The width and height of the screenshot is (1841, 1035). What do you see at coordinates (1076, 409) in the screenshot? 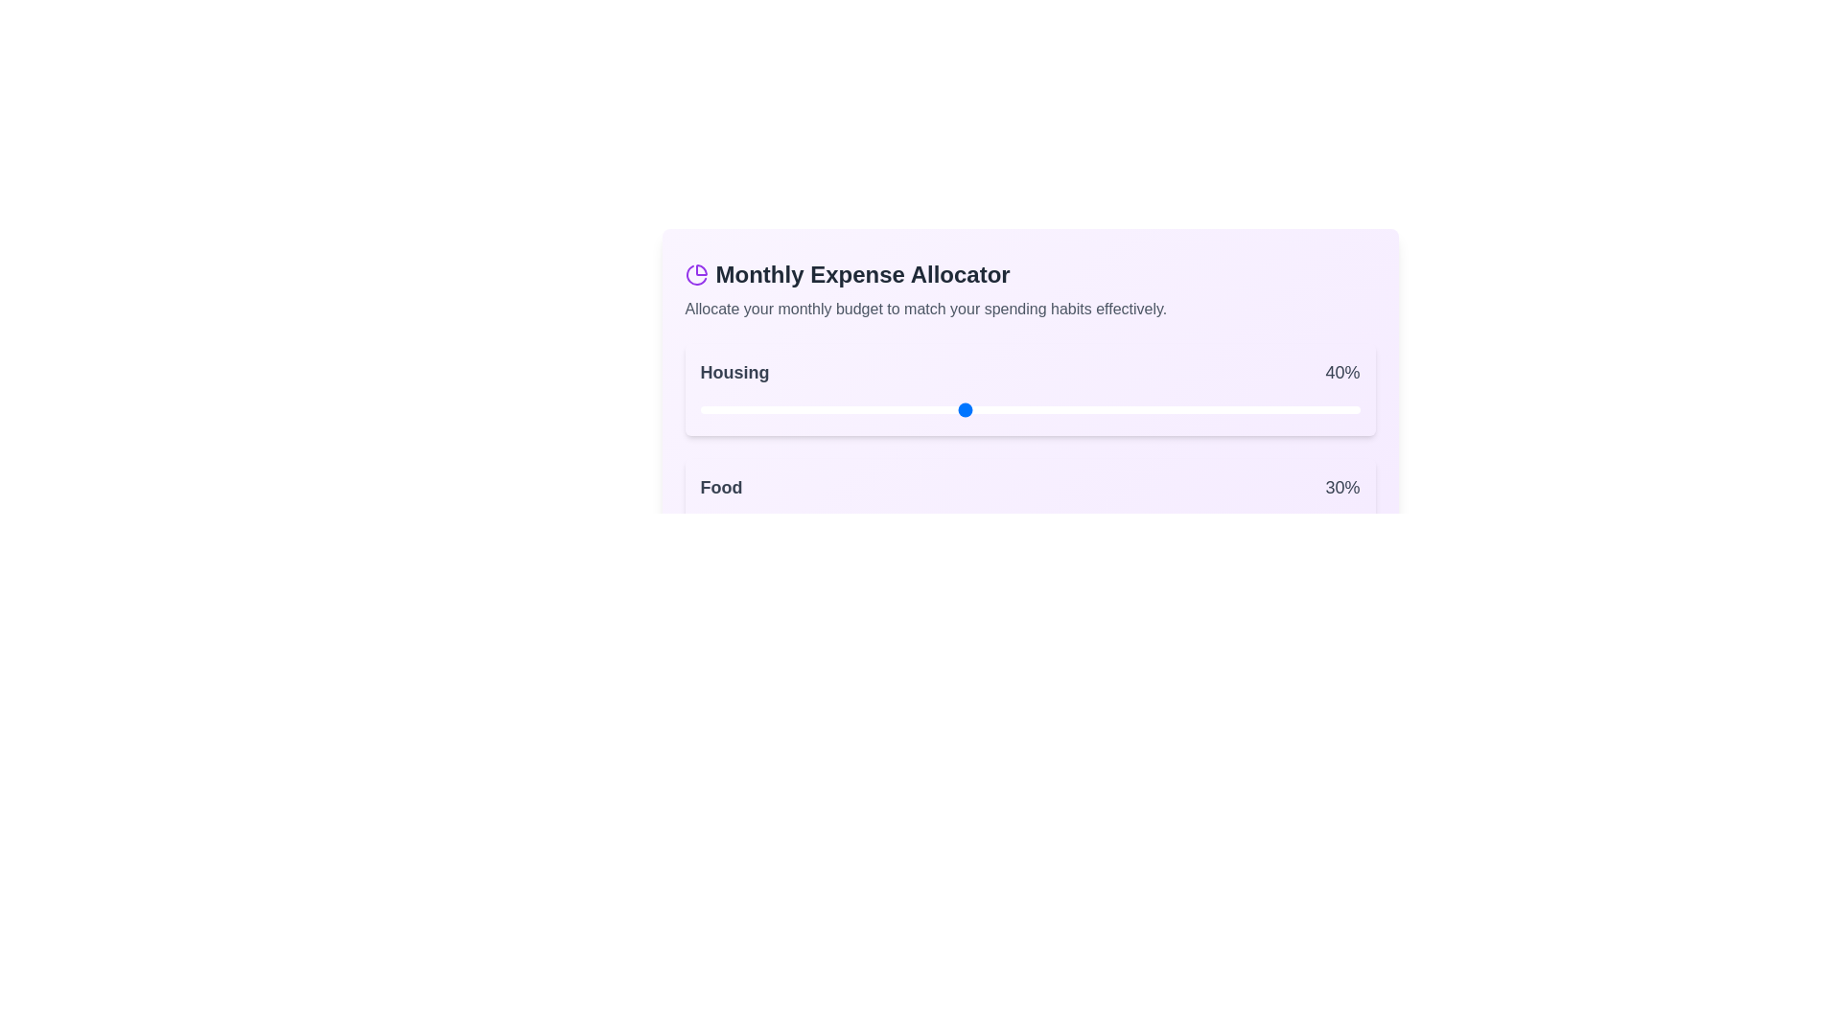
I see `the budget for Housing` at bounding box center [1076, 409].